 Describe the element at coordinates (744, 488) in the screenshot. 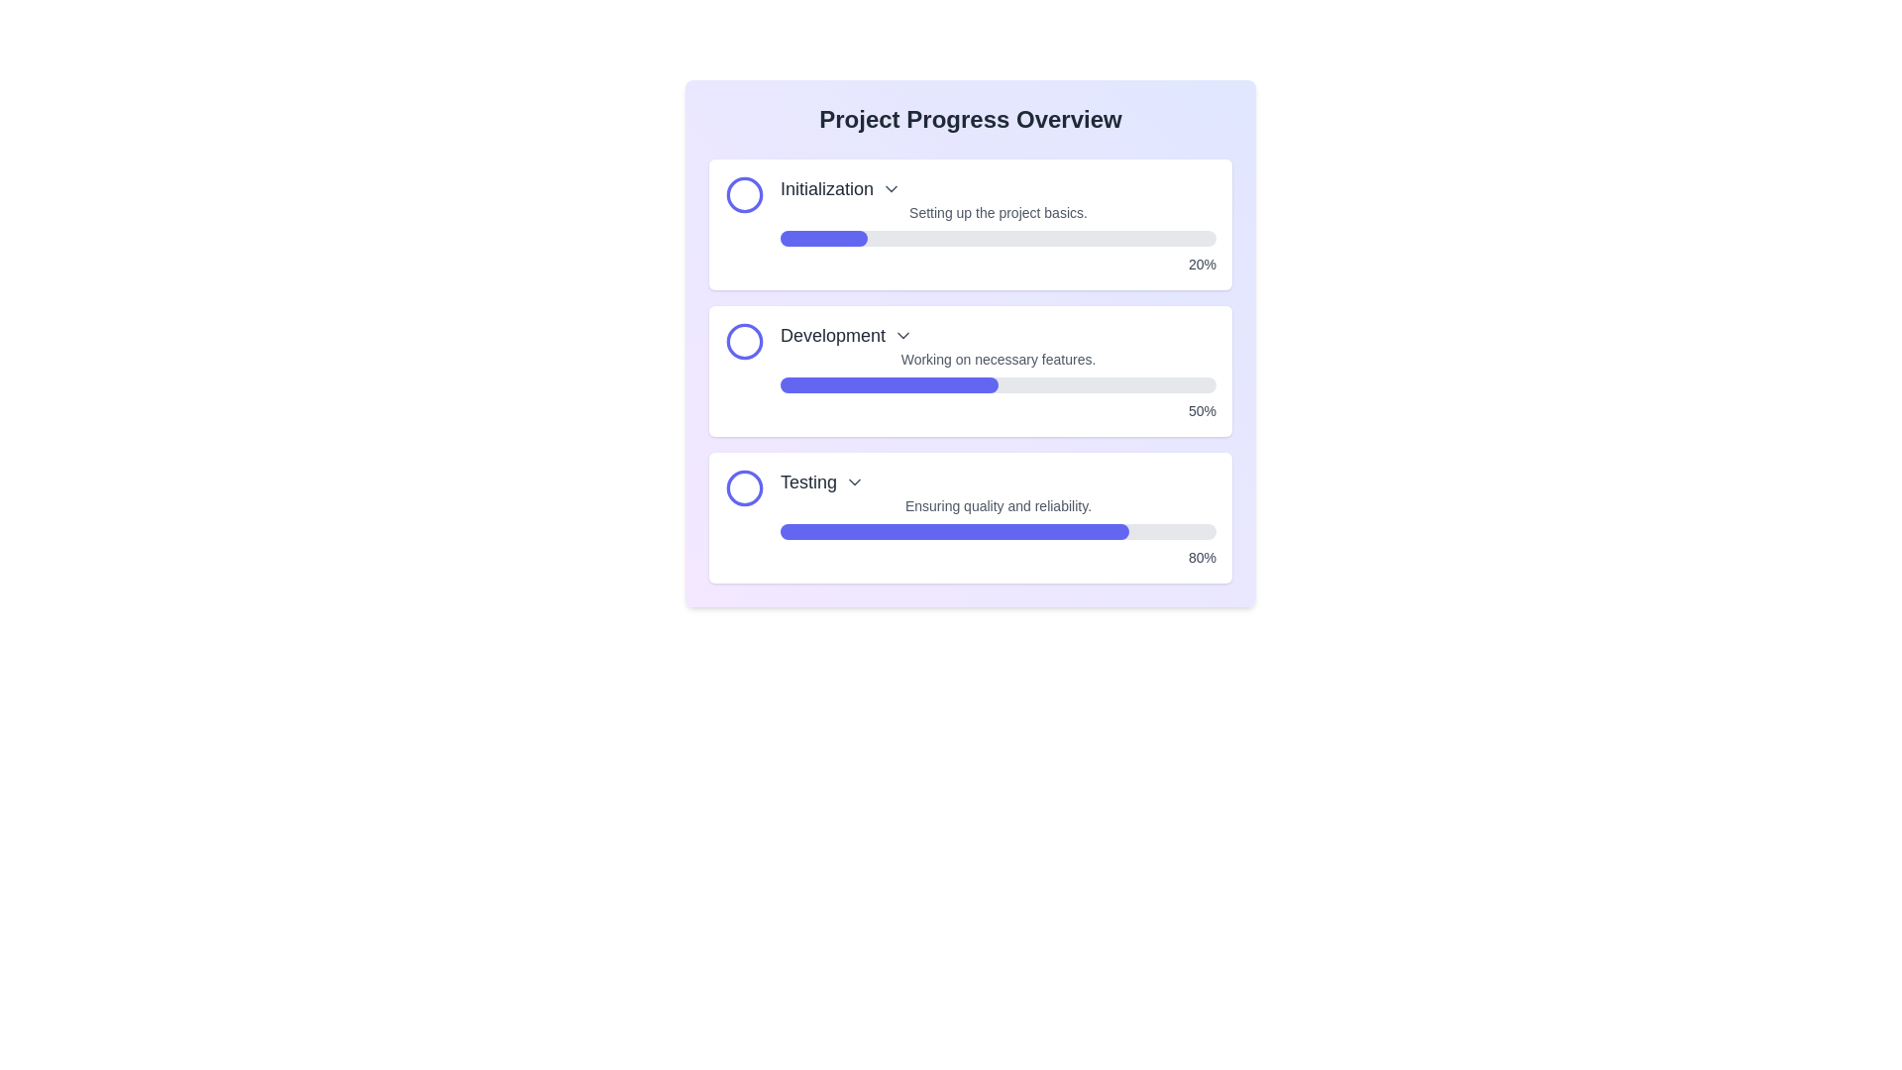

I see `the status indicator icon representing the 'Testing' phase, located on the left side of the 'Testing' card in the project phases list` at that location.